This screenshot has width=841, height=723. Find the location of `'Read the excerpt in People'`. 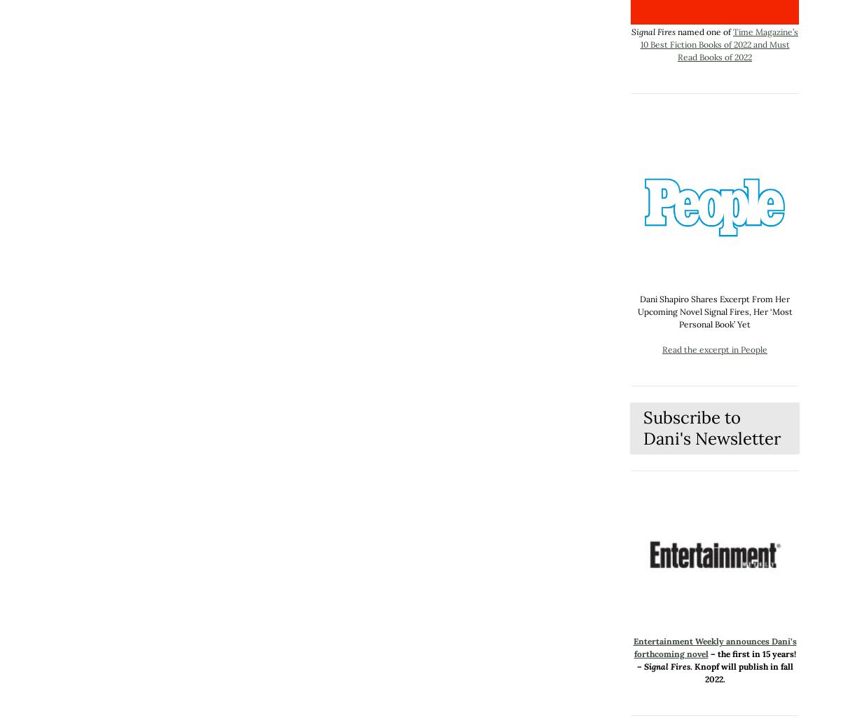

'Read the excerpt in People' is located at coordinates (715, 349).